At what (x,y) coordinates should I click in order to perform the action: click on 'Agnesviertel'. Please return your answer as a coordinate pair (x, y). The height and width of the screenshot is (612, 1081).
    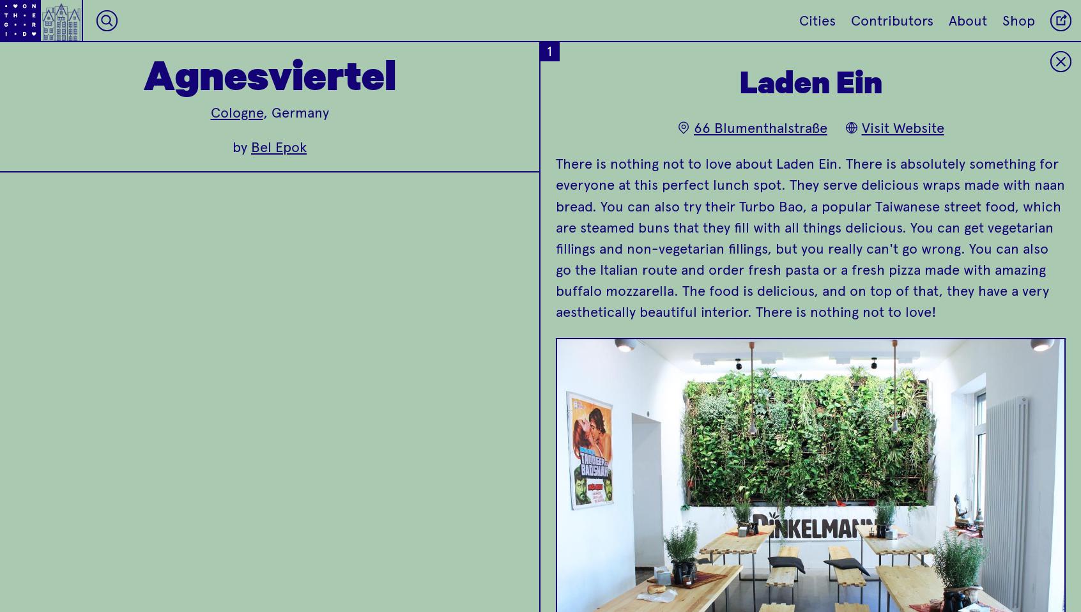
    Looking at the image, I should click on (269, 73).